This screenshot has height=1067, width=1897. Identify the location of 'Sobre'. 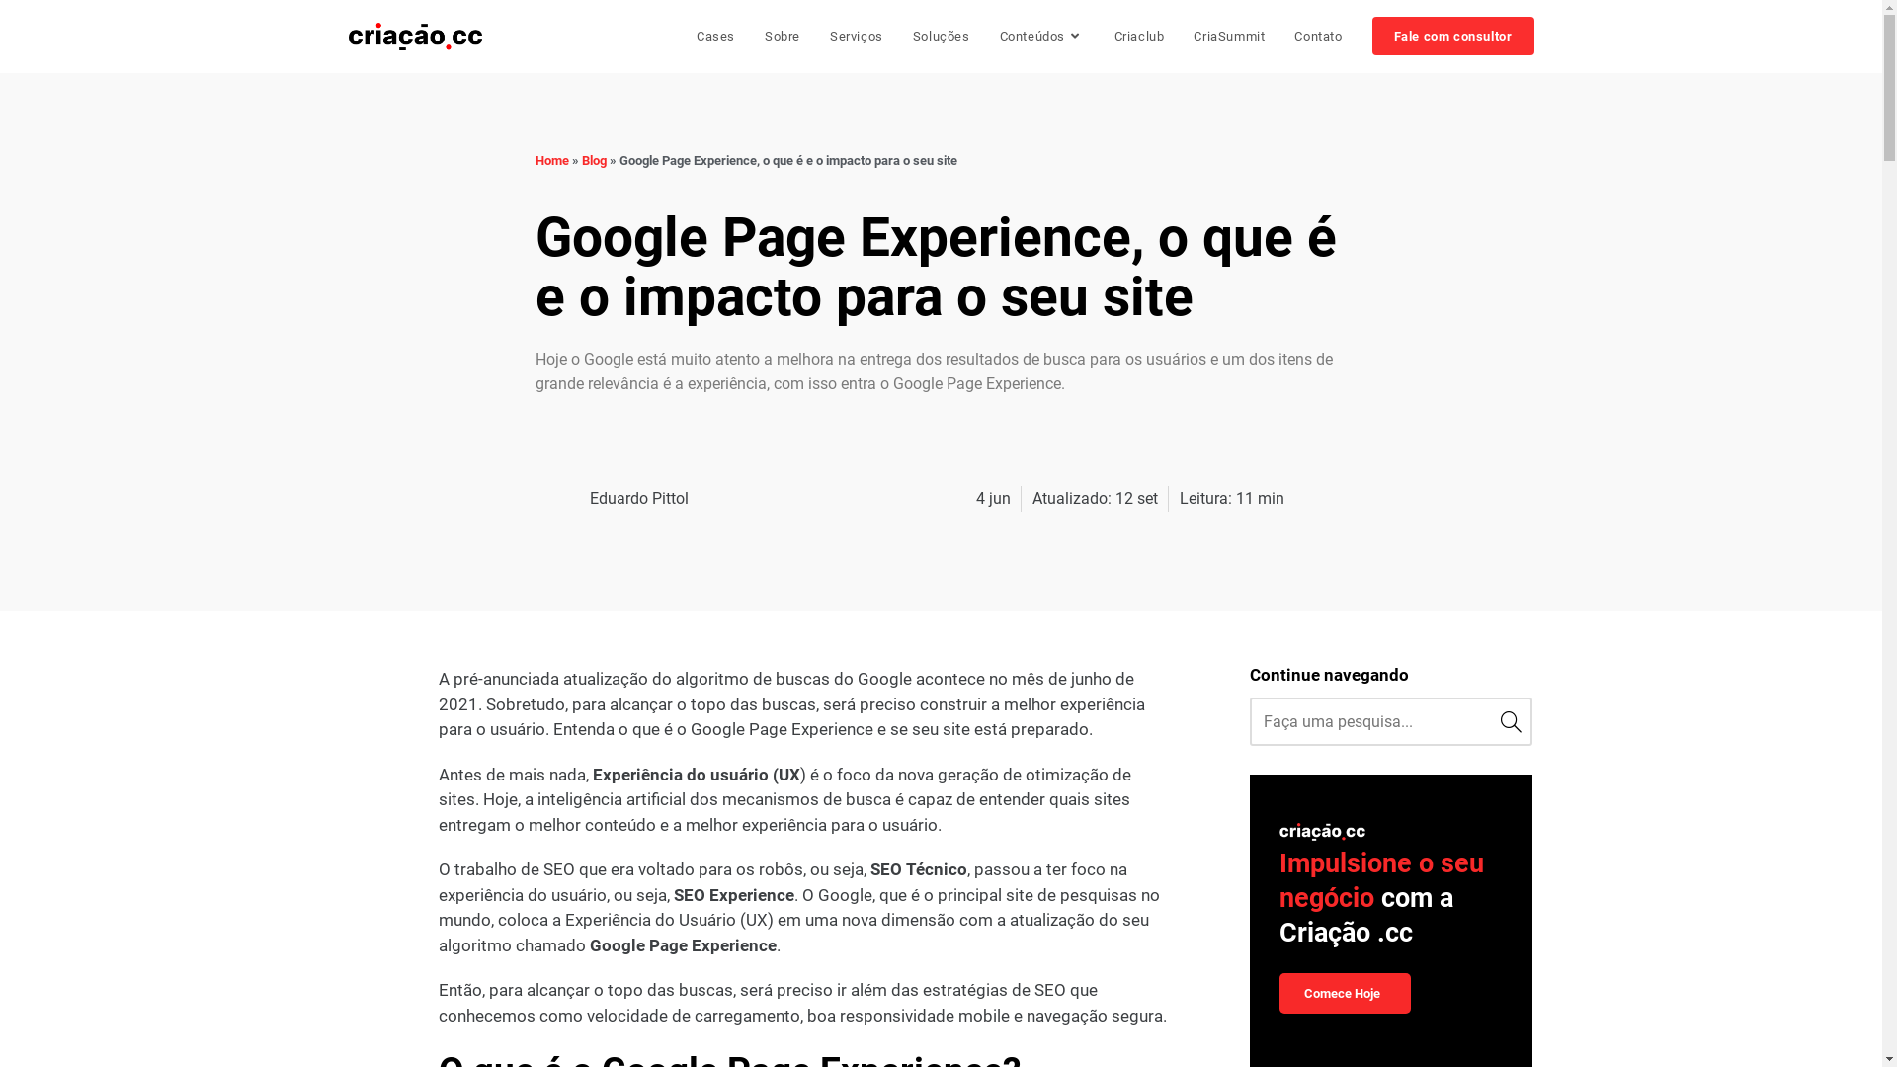
(782, 37).